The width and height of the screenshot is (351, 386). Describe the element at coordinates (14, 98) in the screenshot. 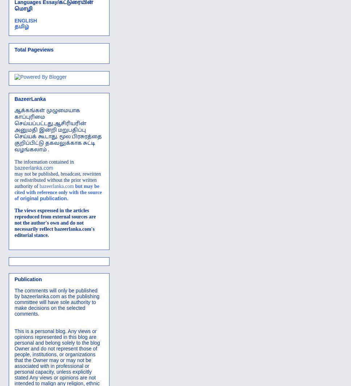

I see `'BazeerLanka'` at that location.